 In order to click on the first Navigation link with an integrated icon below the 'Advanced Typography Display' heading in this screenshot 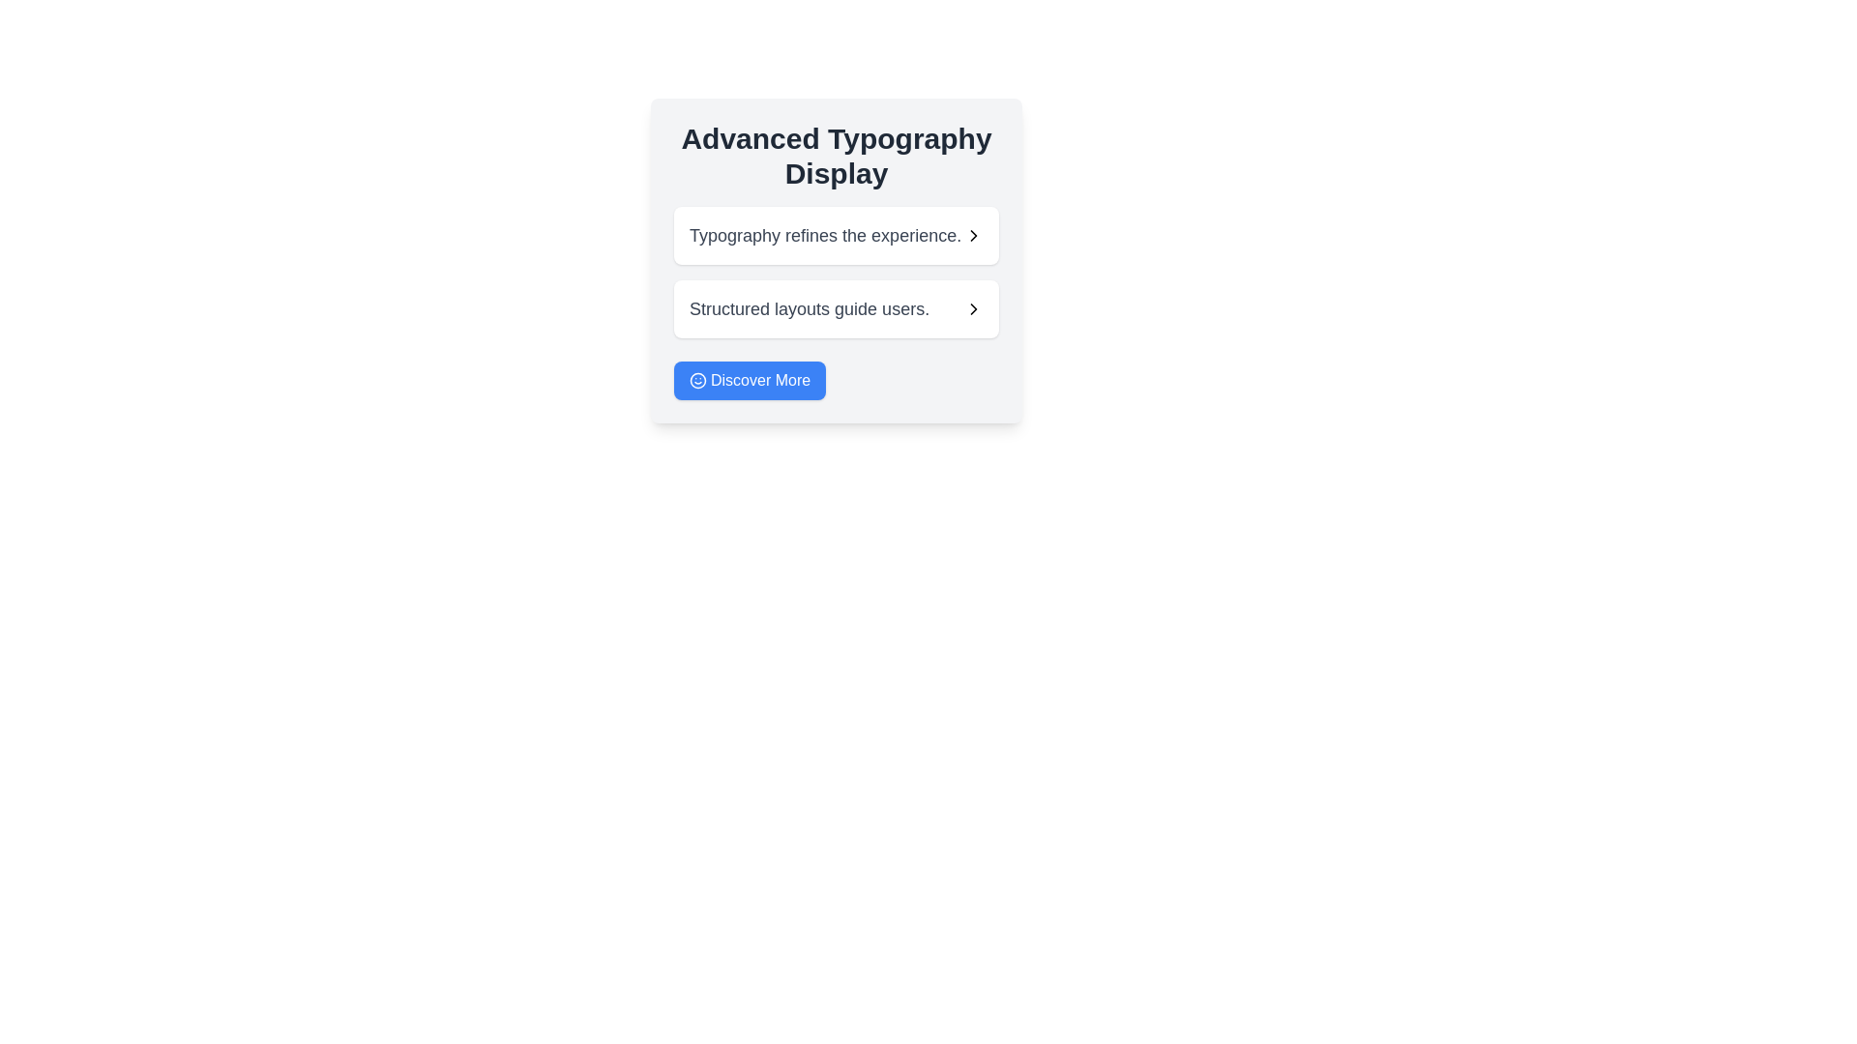, I will do `click(836, 234)`.